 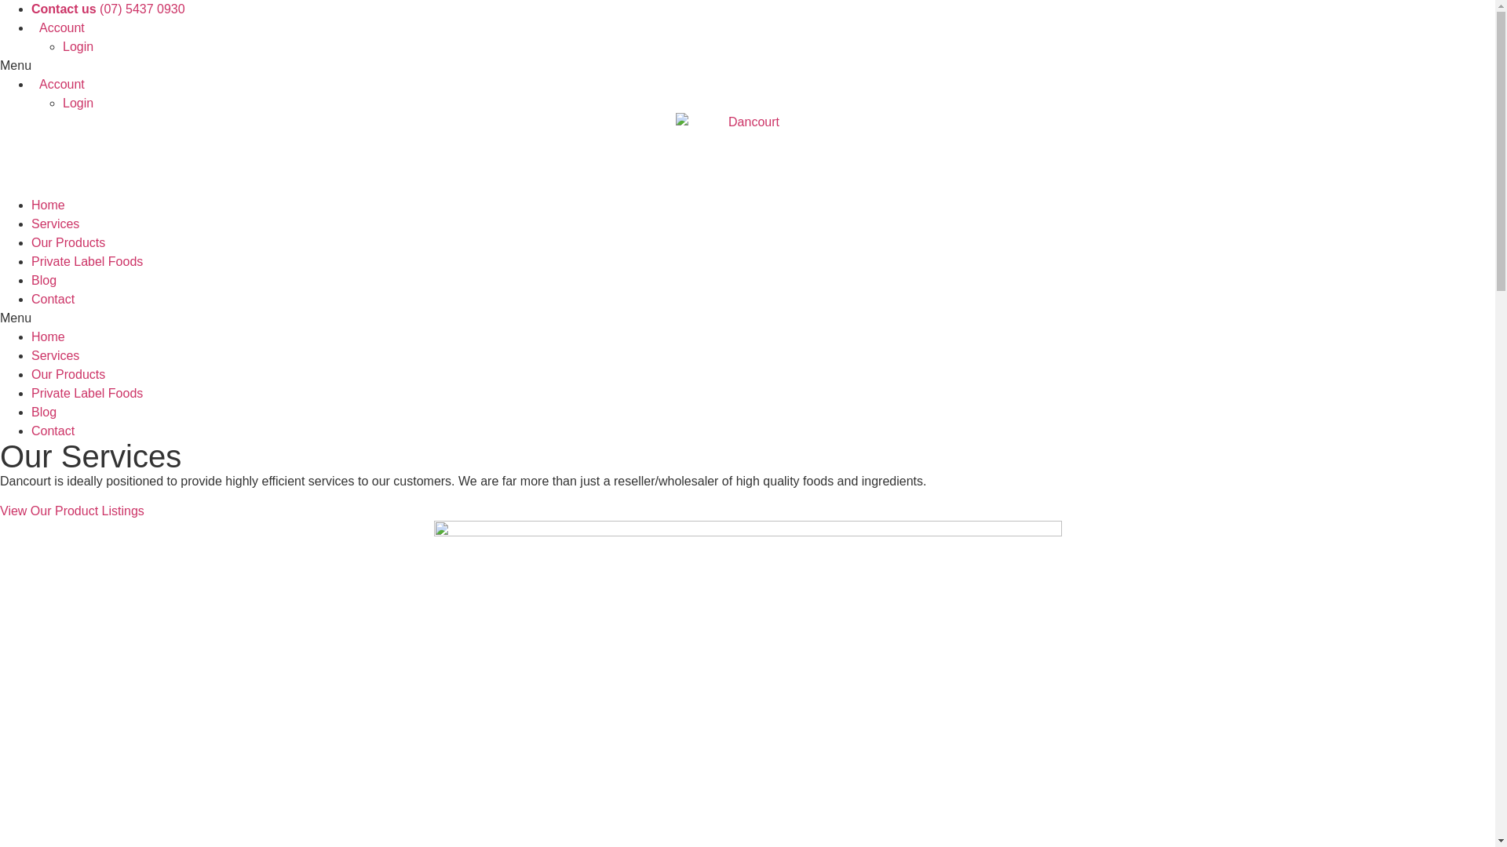 I want to click on 'Services', so click(x=55, y=224).